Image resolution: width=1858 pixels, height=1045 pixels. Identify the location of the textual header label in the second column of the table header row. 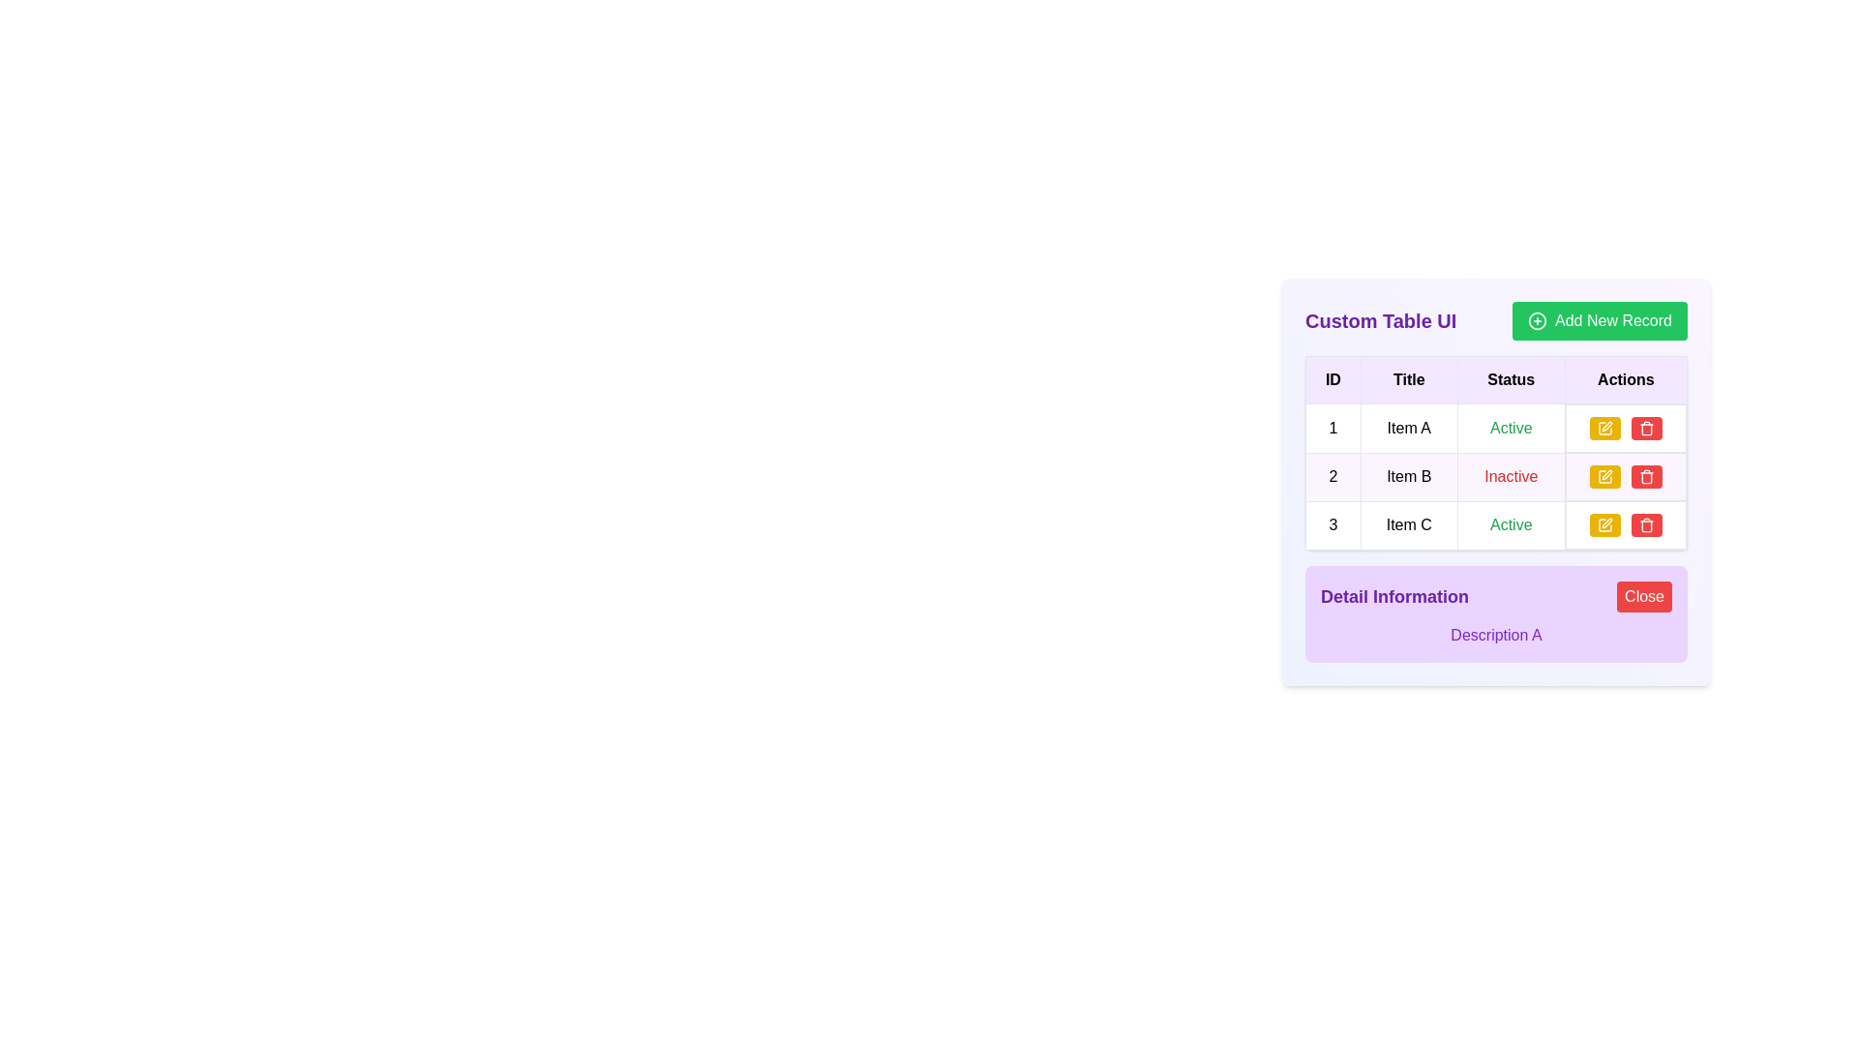
(1409, 380).